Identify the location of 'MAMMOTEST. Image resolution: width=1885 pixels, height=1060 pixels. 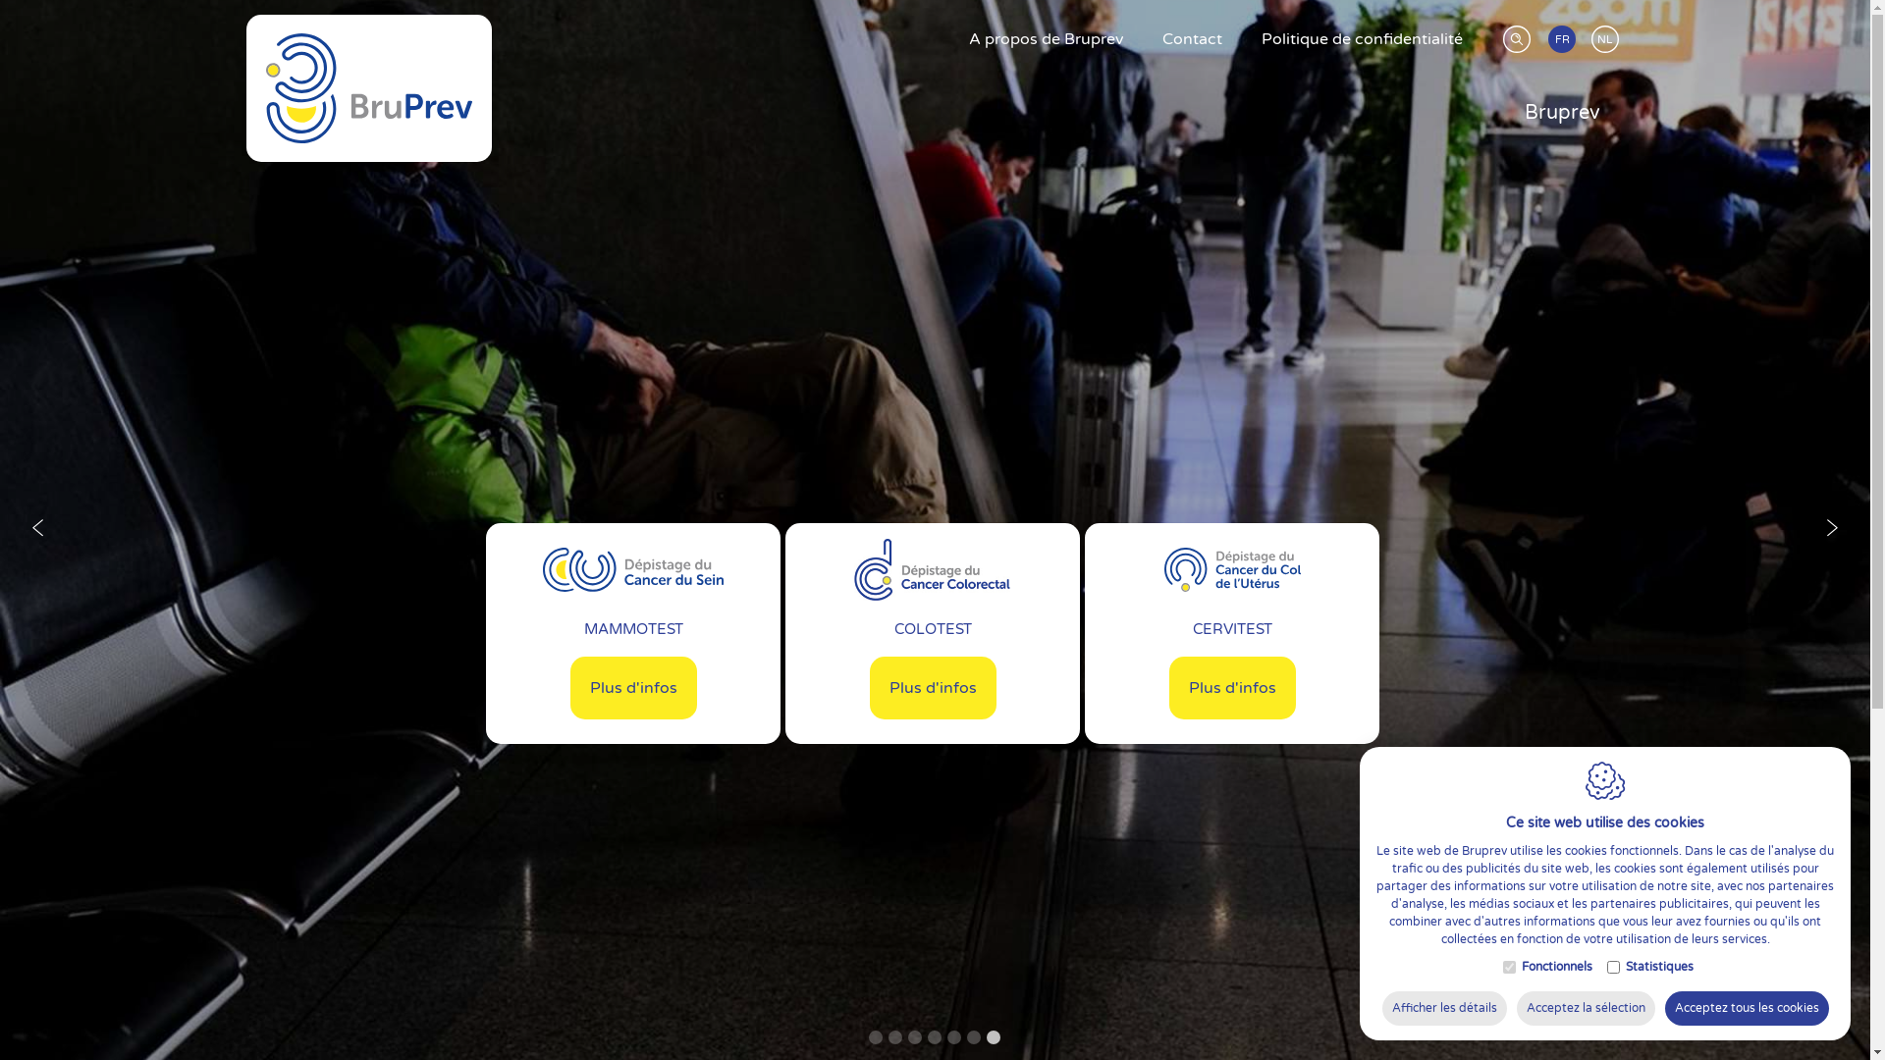
(632, 633).